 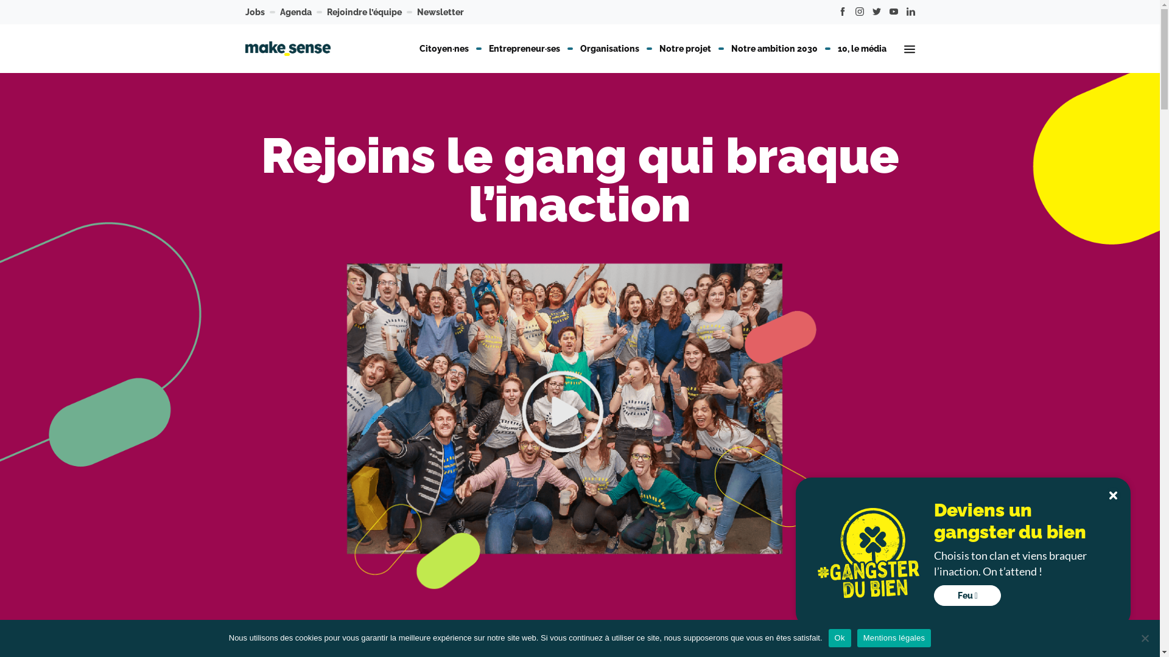 What do you see at coordinates (439, 12) in the screenshot?
I see `'Newsletter'` at bounding box center [439, 12].